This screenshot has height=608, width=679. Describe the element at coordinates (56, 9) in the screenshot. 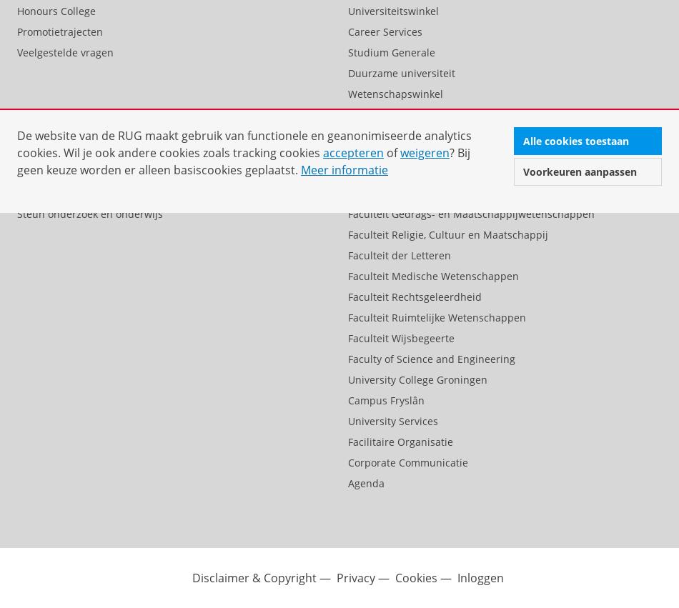

I see `'Honours College'` at that location.